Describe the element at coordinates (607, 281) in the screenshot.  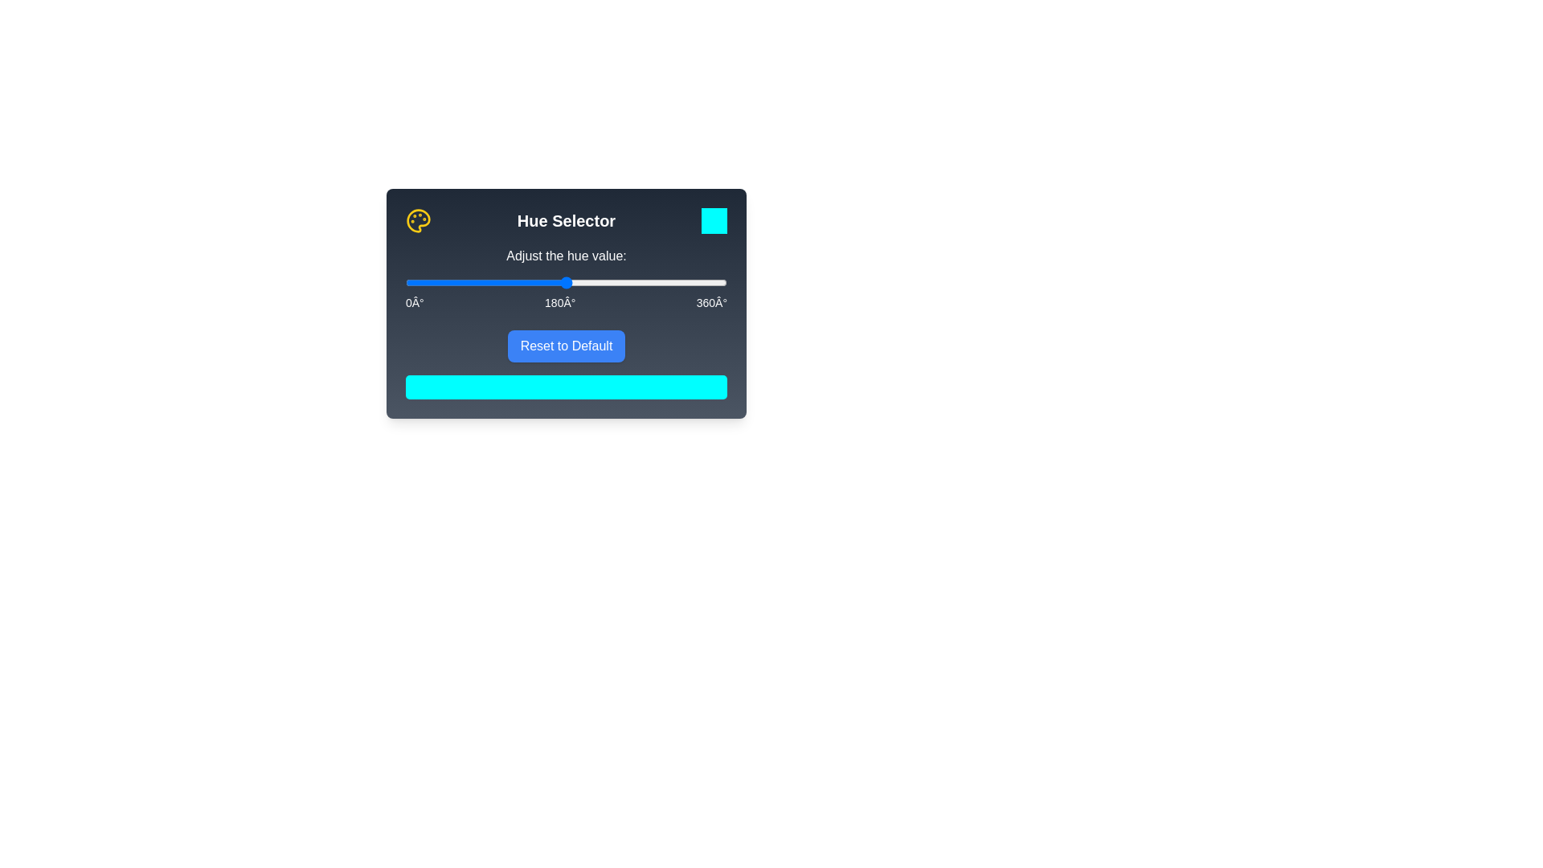
I see `the hue slider to 226°` at that location.